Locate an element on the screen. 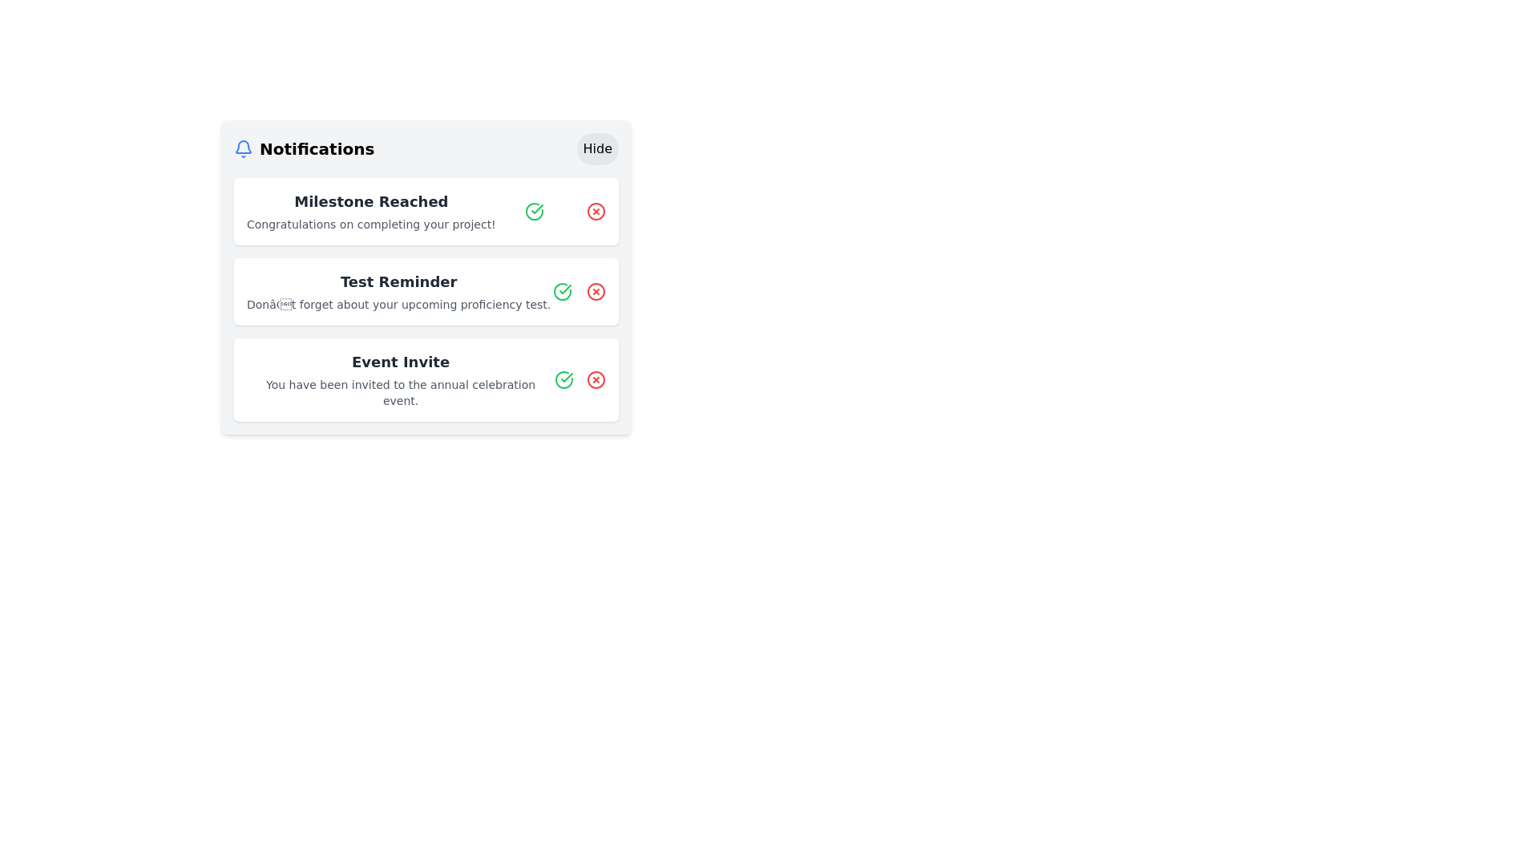  text label 'Event Invite' located at the top of the third notification entry in the notification panel is located at coordinates (400, 362).